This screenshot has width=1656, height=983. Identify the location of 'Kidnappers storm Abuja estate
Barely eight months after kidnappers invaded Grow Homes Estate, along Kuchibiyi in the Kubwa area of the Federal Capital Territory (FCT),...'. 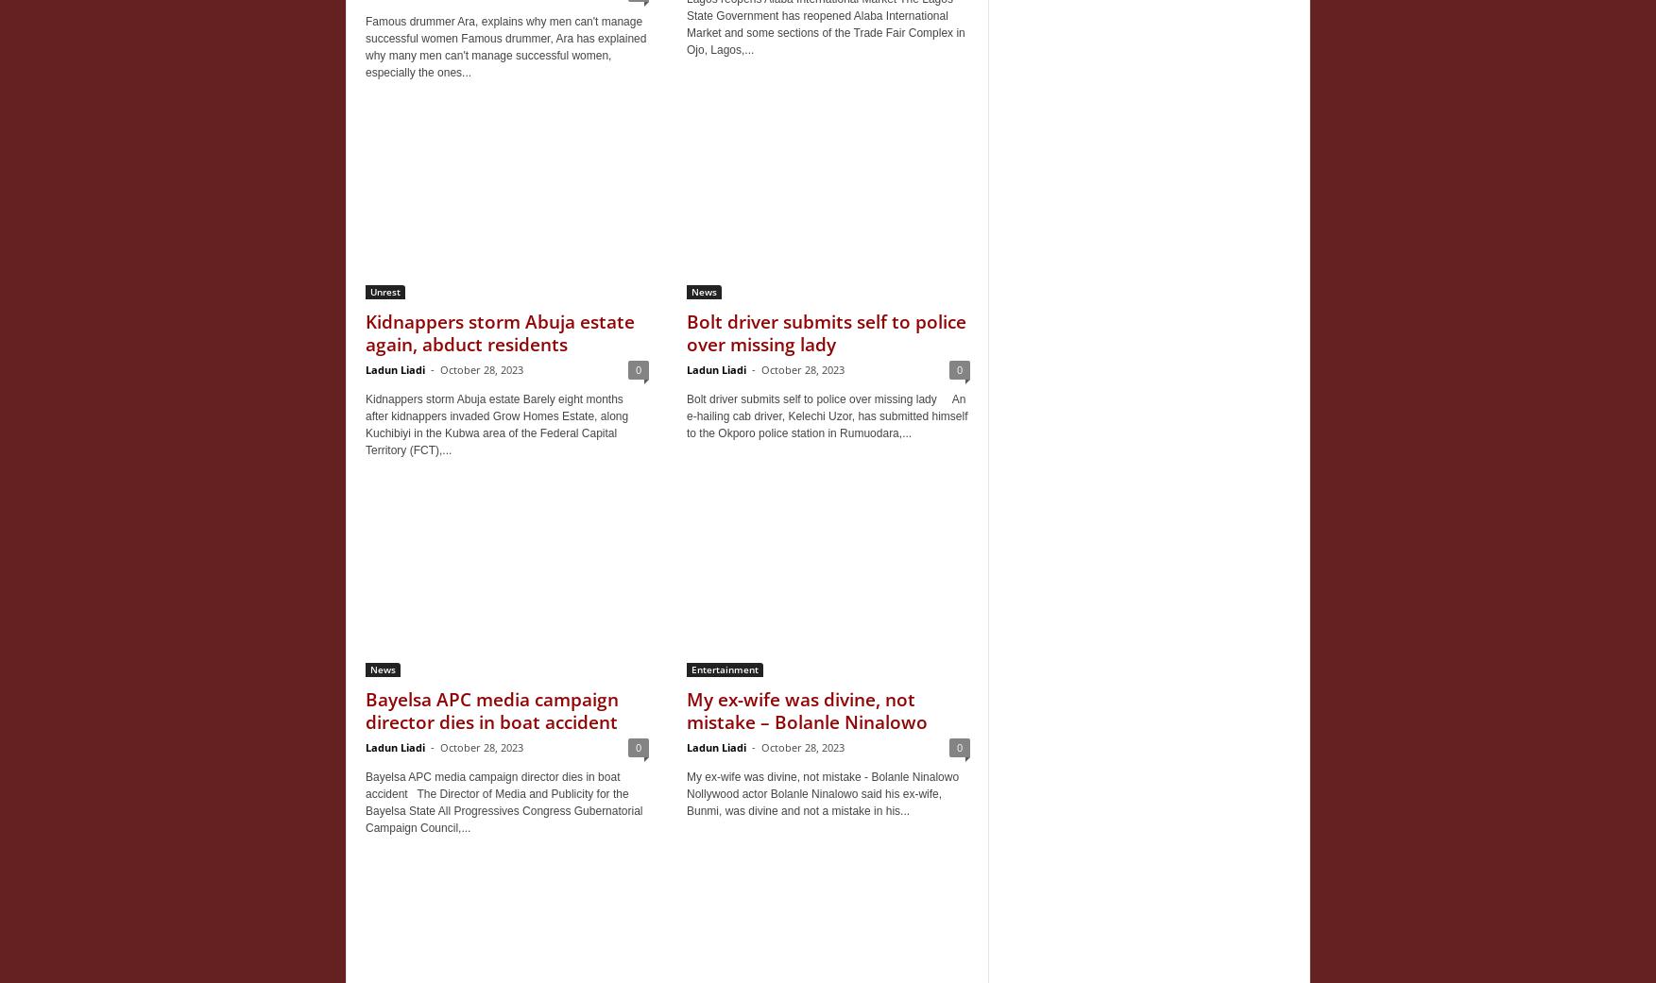
(497, 424).